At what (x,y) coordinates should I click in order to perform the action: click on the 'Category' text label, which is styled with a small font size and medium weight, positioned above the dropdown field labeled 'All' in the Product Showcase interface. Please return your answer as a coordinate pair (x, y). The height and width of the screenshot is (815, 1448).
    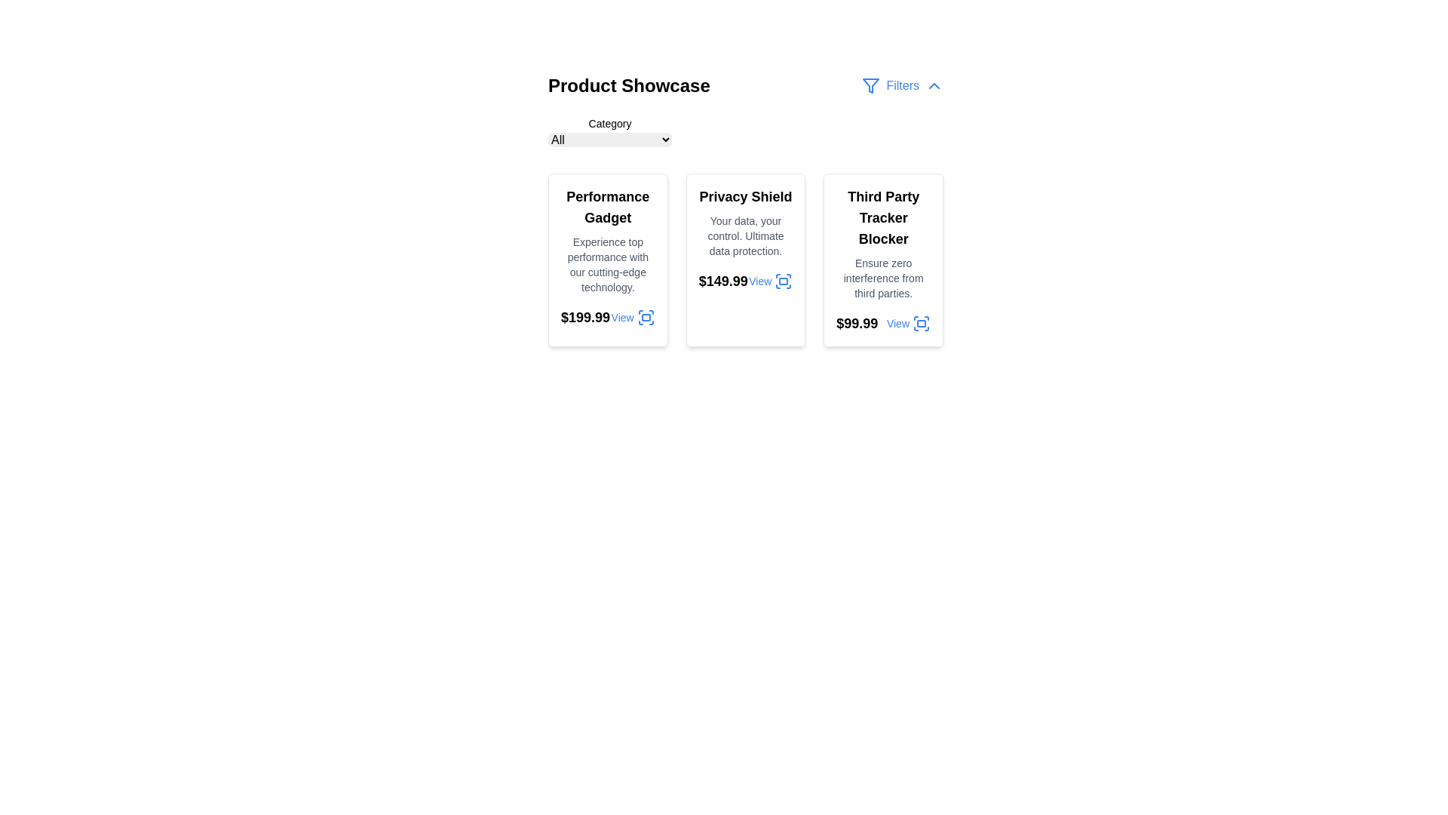
    Looking at the image, I should click on (610, 123).